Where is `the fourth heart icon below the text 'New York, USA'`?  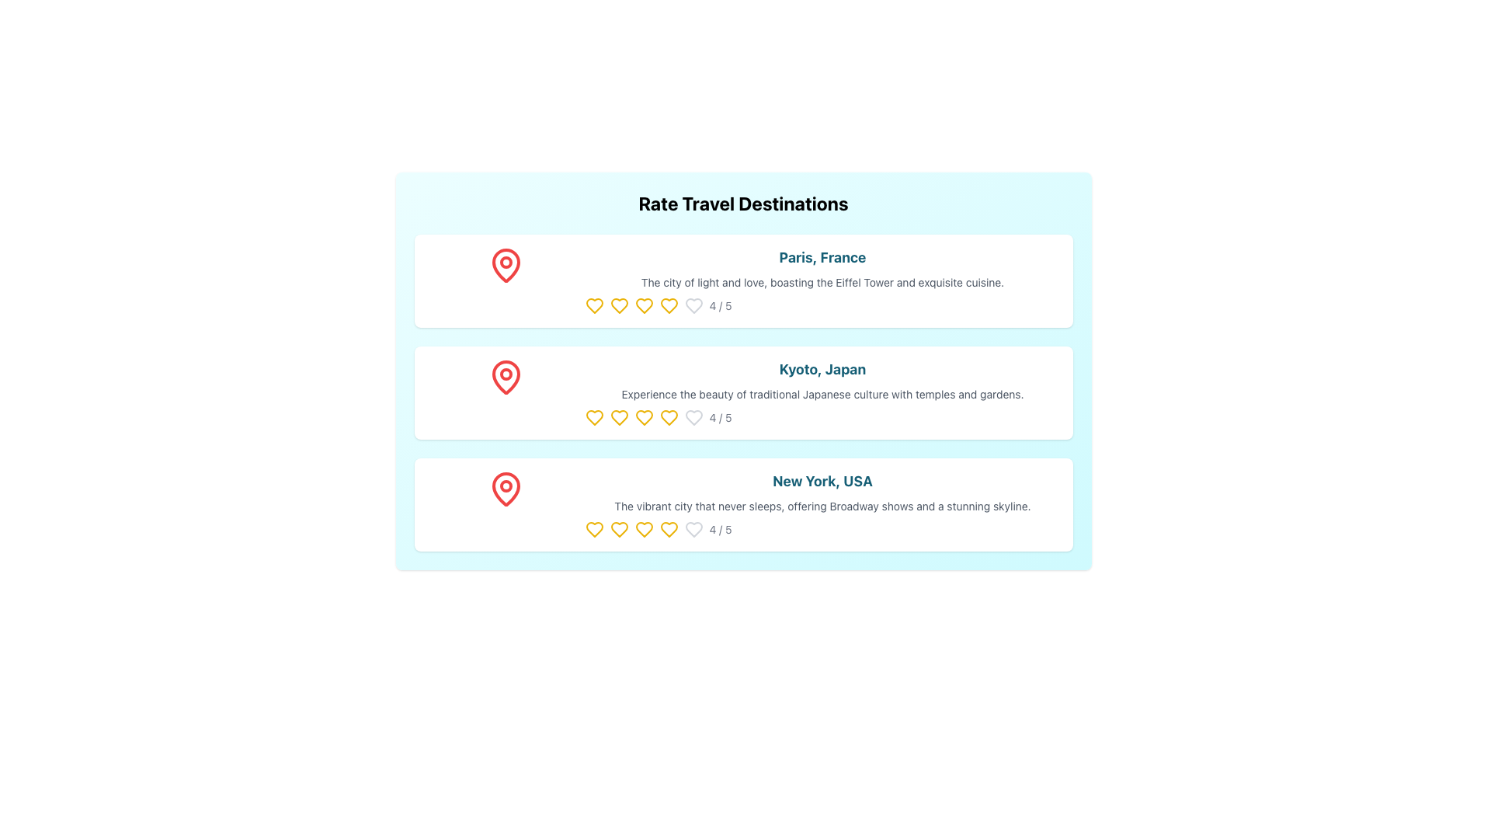 the fourth heart icon below the text 'New York, USA' is located at coordinates (669, 529).